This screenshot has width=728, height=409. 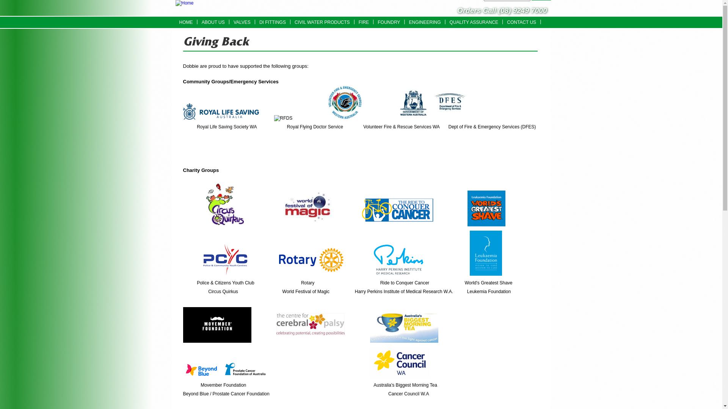 What do you see at coordinates (399, 362) in the screenshot?
I see `'Cancer Council WA'` at bounding box center [399, 362].